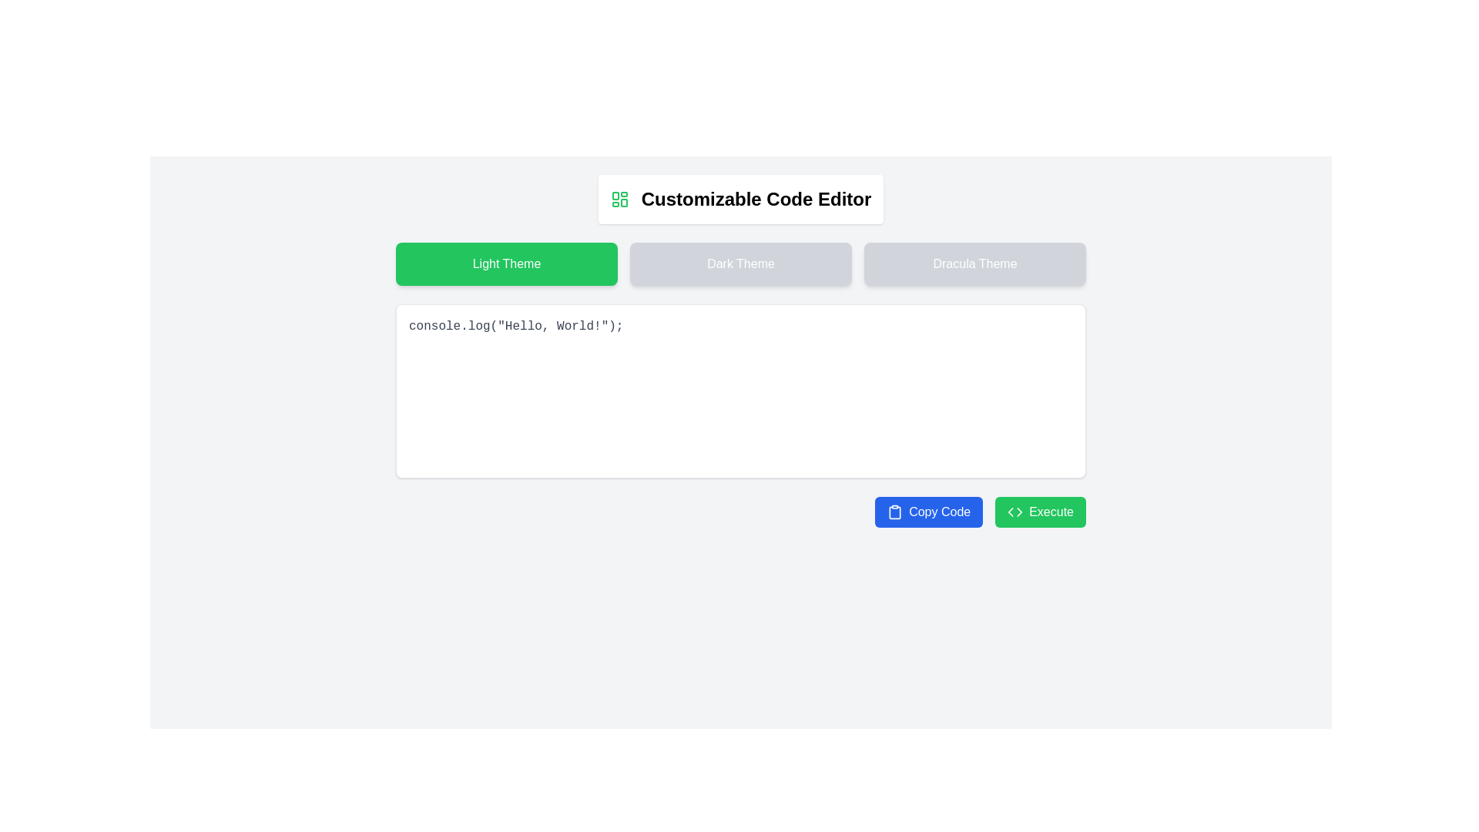 The height and width of the screenshot is (832, 1479). Describe the element at coordinates (740, 263) in the screenshot. I see `the button that changes the interface's theme to 'Dark Theme', located in the middle of three theme buttons below the header 'Customizable Code Editor'` at that location.